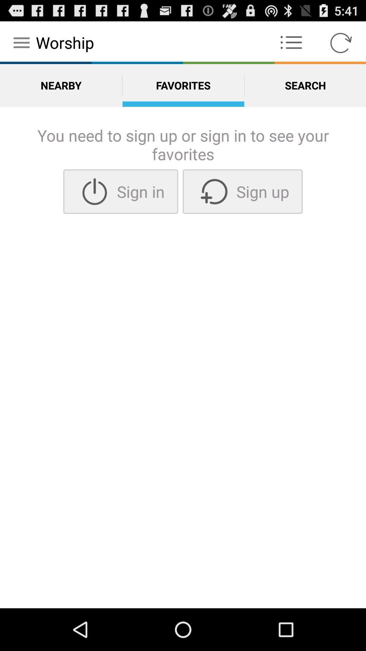 Image resolution: width=366 pixels, height=651 pixels. Describe the element at coordinates (291, 42) in the screenshot. I see `theree doted icon which is right side to text worship` at that location.